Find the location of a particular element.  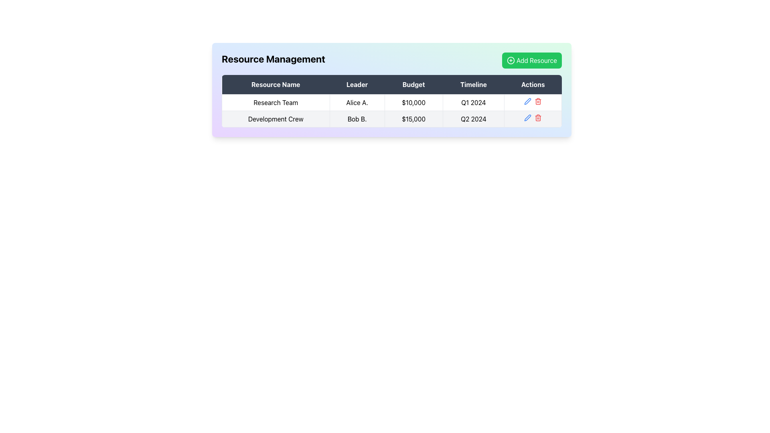

the text label 'Resource Name', which is the first column header in the table with a dark background and white bold text is located at coordinates (276, 85).